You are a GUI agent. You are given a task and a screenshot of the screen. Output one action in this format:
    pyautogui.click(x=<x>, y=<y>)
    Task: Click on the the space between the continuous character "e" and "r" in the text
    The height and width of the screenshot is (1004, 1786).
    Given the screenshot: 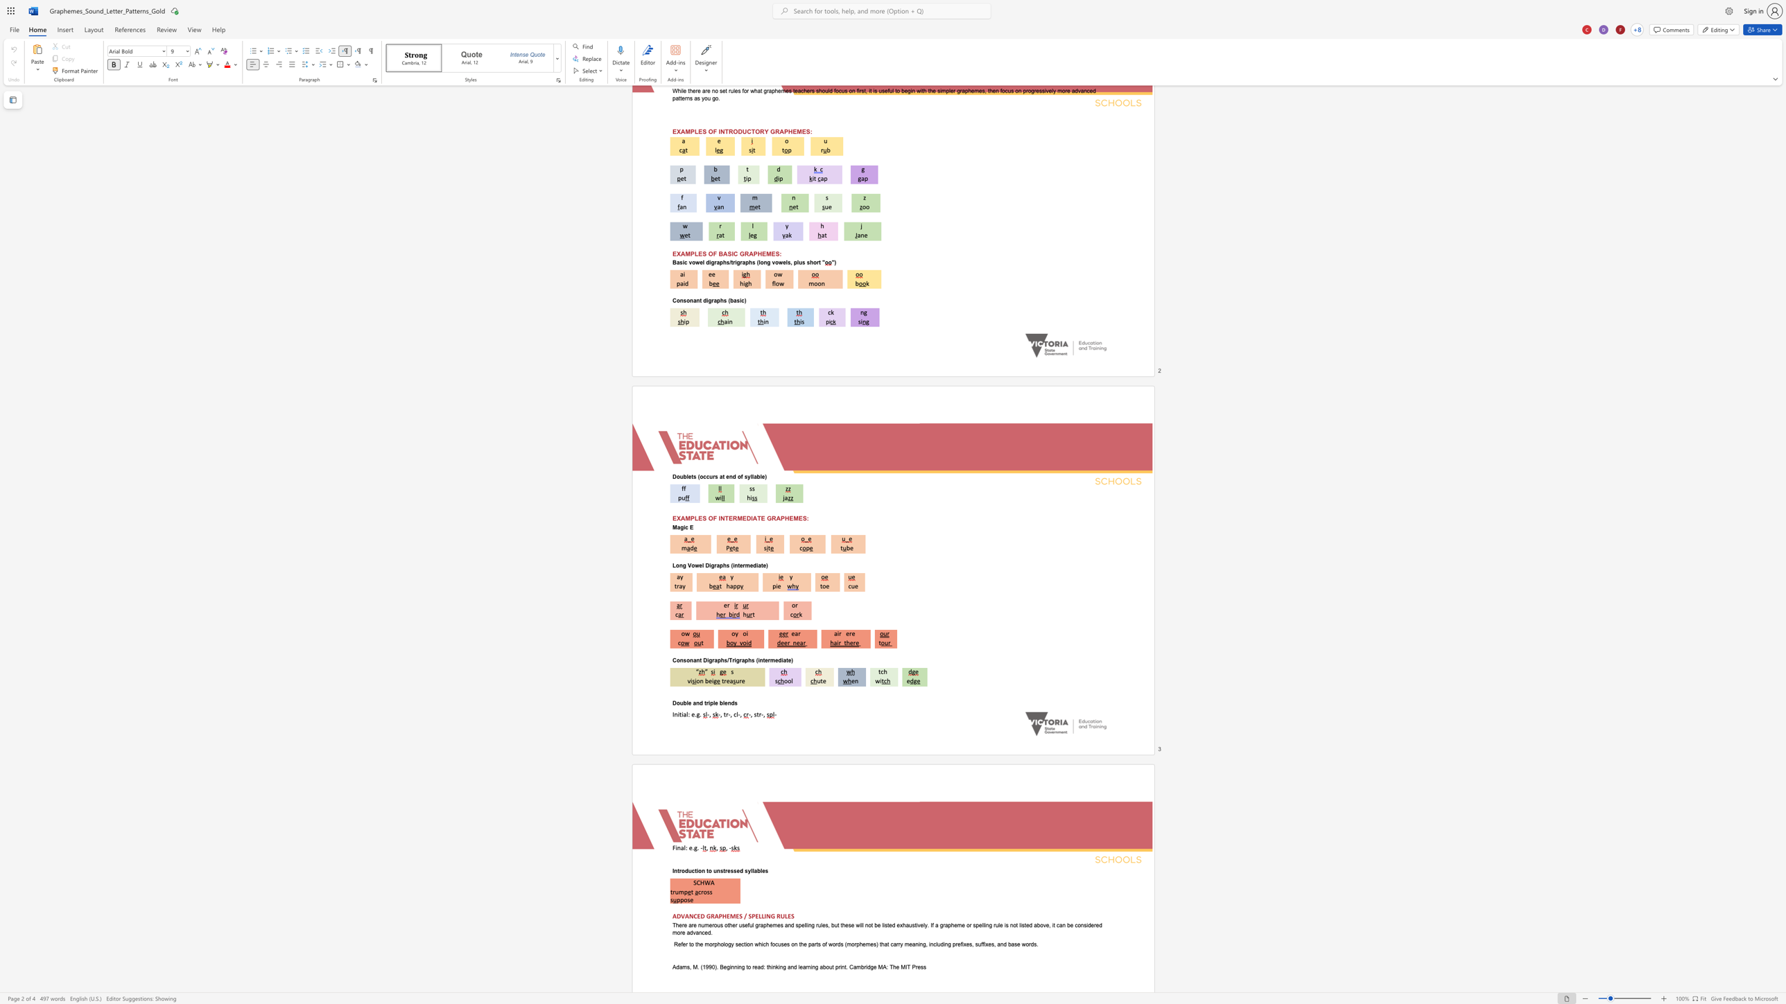 What is the action you would take?
    pyautogui.click(x=849, y=633)
    